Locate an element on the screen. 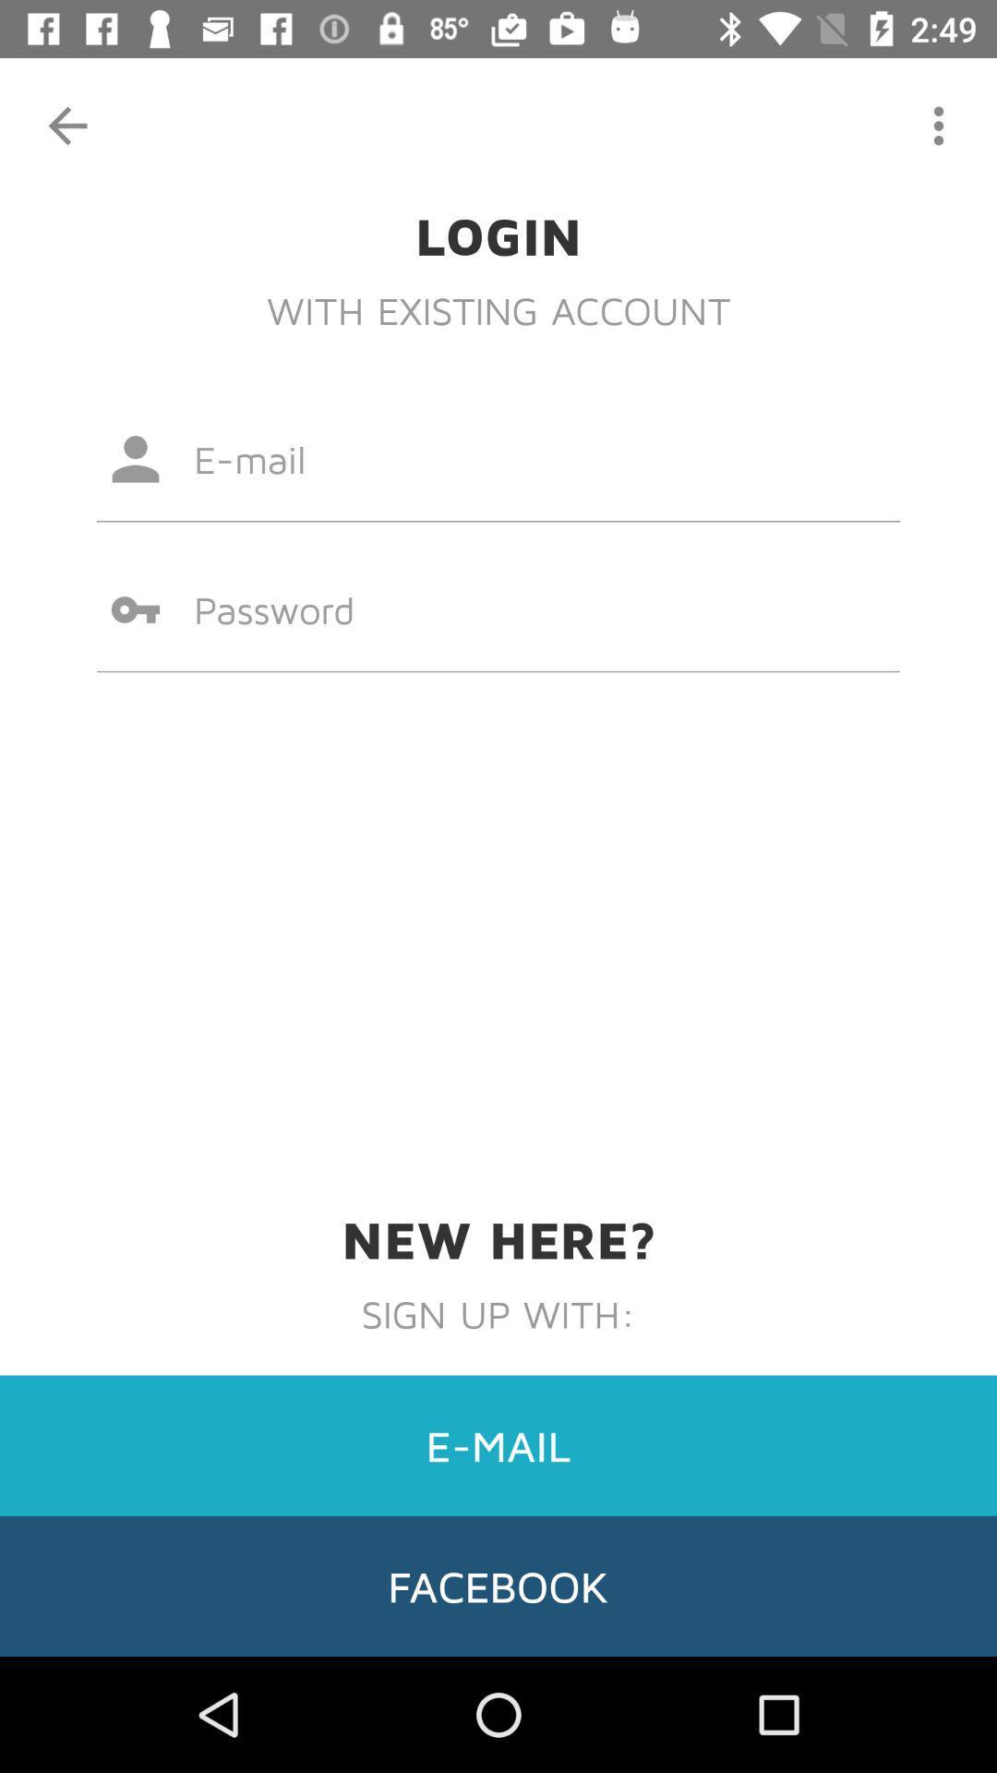 This screenshot has width=997, height=1773. icon at the center is located at coordinates (498, 609).